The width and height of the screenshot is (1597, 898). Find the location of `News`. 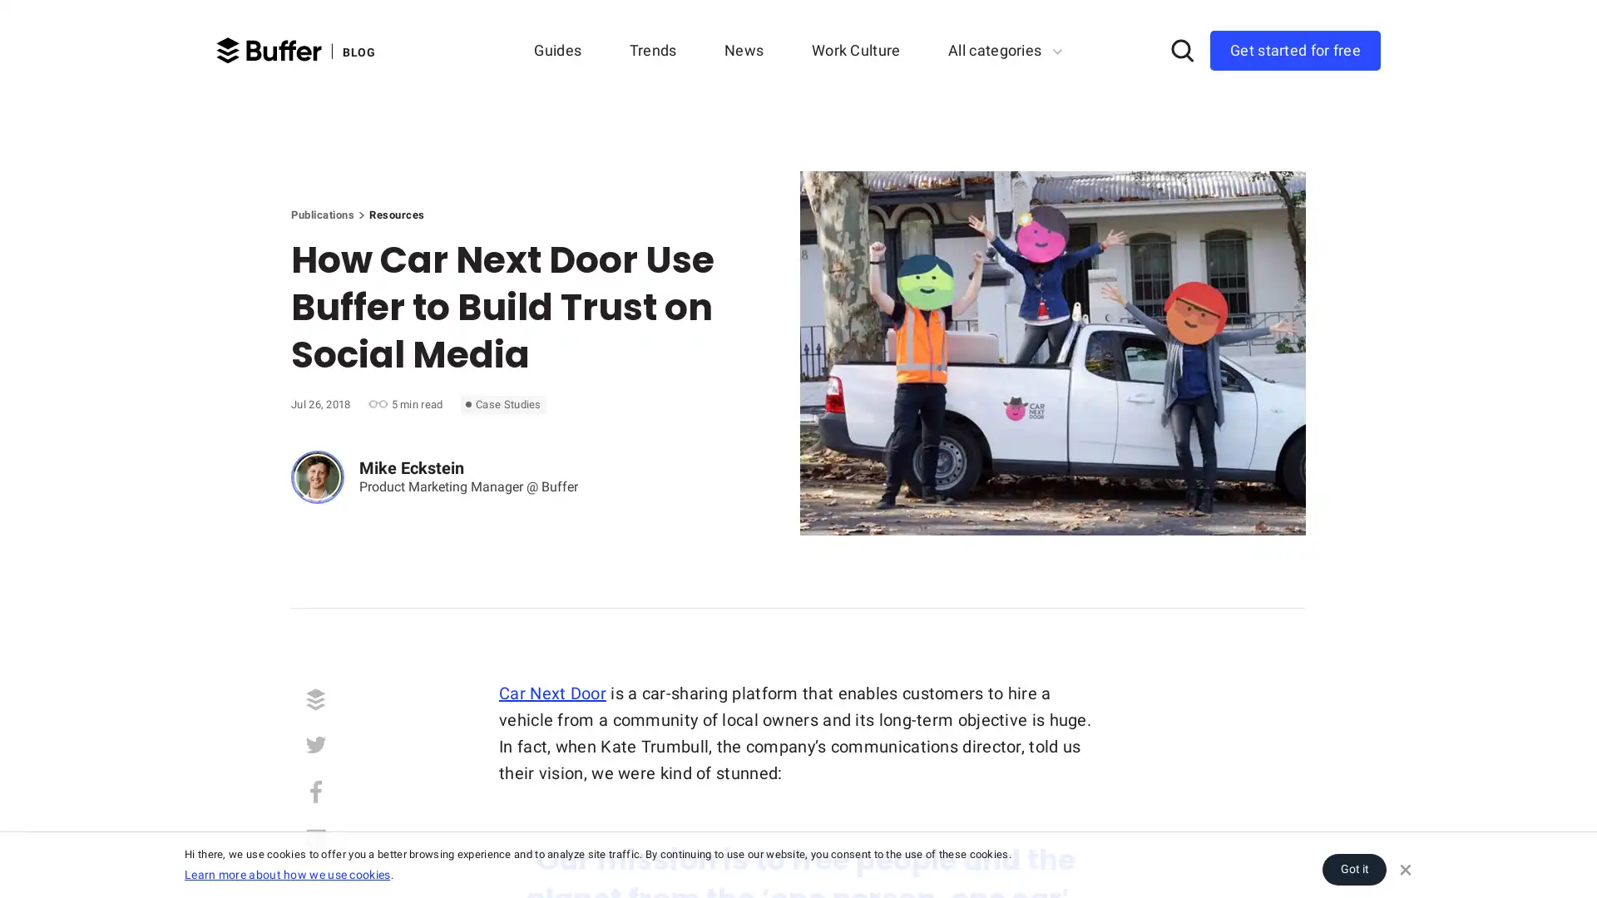

News is located at coordinates (743, 50).